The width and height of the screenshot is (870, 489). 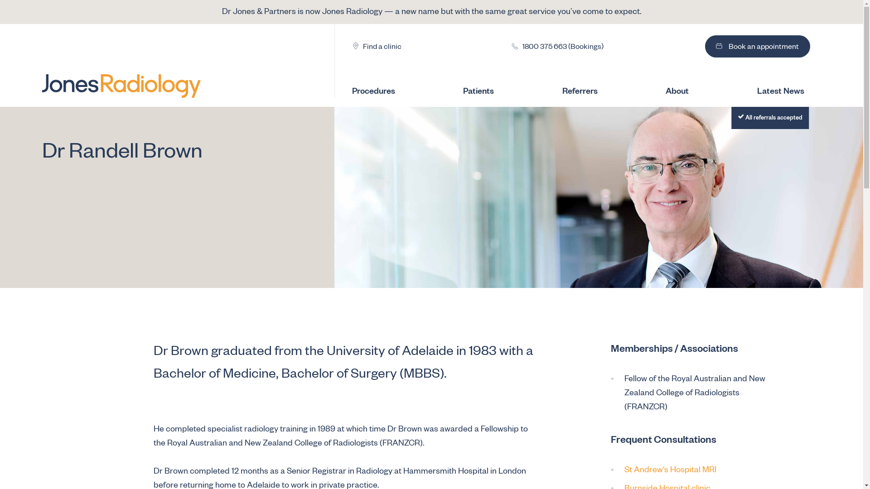 What do you see at coordinates (556, 47) in the screenshot?
I see `'1800 375 663 (Bookings)'` at bounding box center [556, 47].